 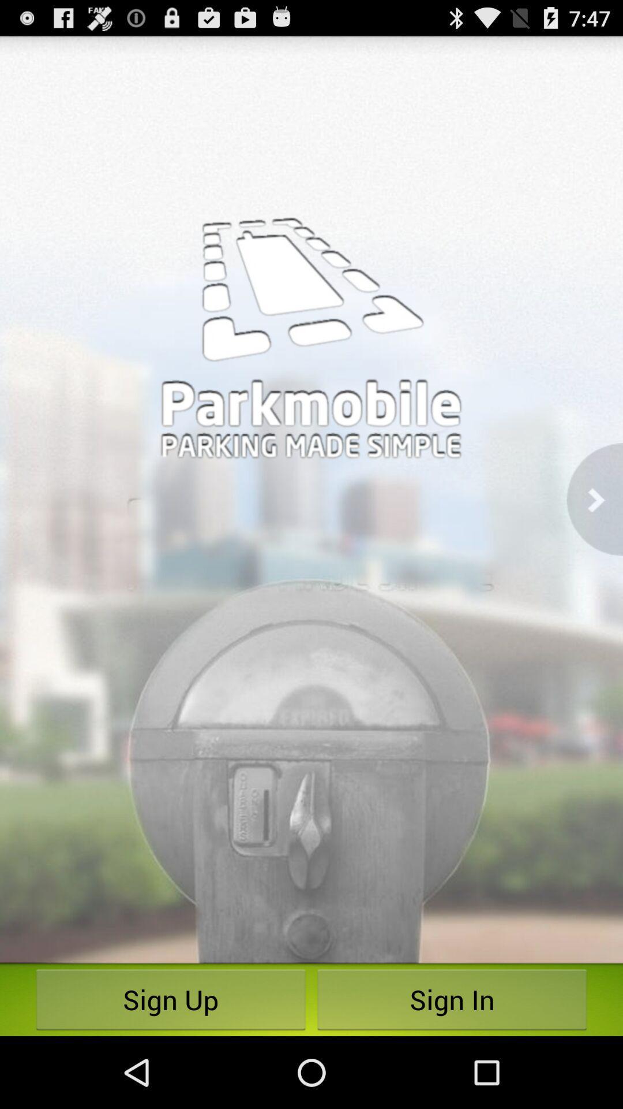 What do you see at coordinates (595, 534) in the screenshot?
I see `the arrow_forward icon` at bounding box center [595, 534].